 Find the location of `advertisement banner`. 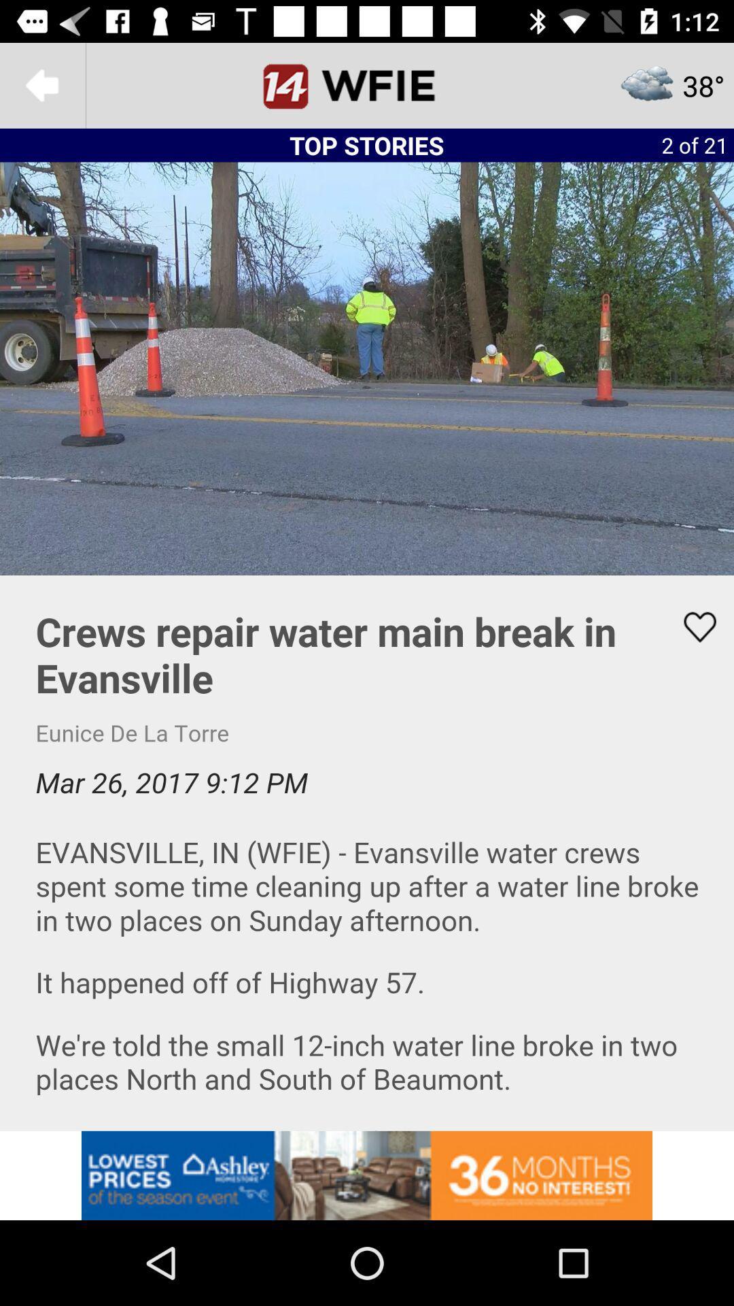

advertisement banner is located at coordinates (367, 1175).